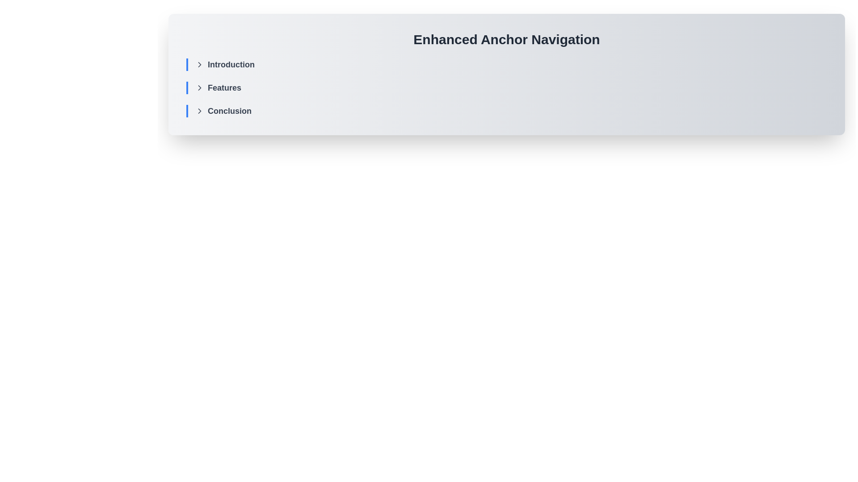 This screenshot has width=858, height=482. What do you see at coordinates (225, 64) in the screenshot?
I see `the navigation link labeled 'Introduction' to highlight it` at bounding box center [225, 64].